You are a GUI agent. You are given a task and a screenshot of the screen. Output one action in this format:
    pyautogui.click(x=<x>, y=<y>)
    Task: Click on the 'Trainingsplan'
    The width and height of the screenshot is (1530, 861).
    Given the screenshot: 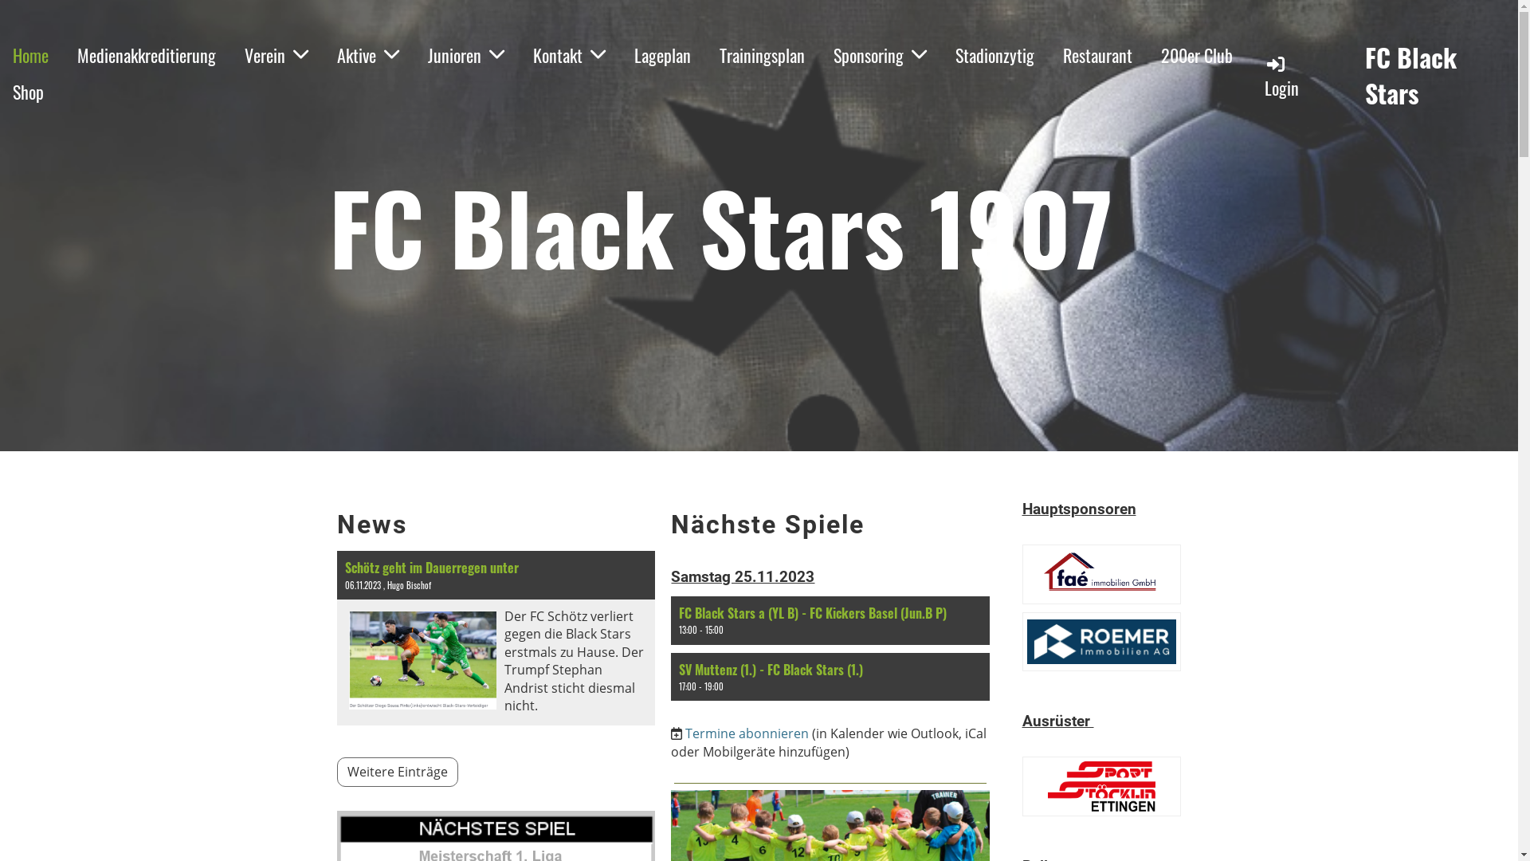 What is the action you would take?
    pyautogui.click(x=761, y=54)
    